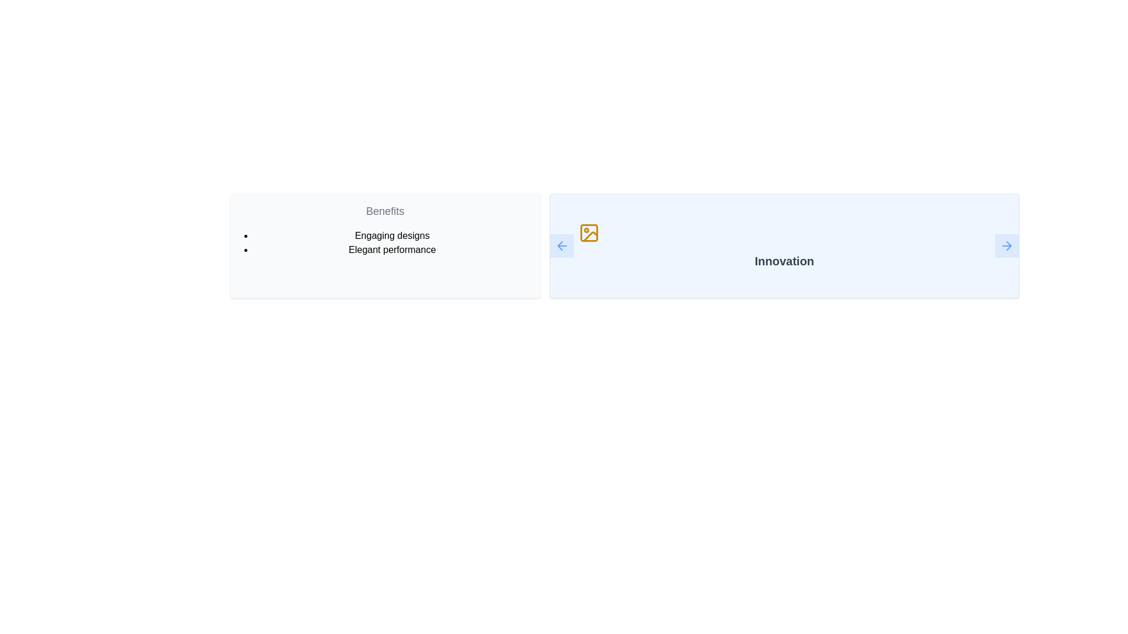 This screenshot has height=634, width=1128. Describe the element at coordinates (589, 233) in the screenshot. I see `the yellow photograph icon with a curling corner effect, which is located to the left of the text 'Innovation'` at that location.